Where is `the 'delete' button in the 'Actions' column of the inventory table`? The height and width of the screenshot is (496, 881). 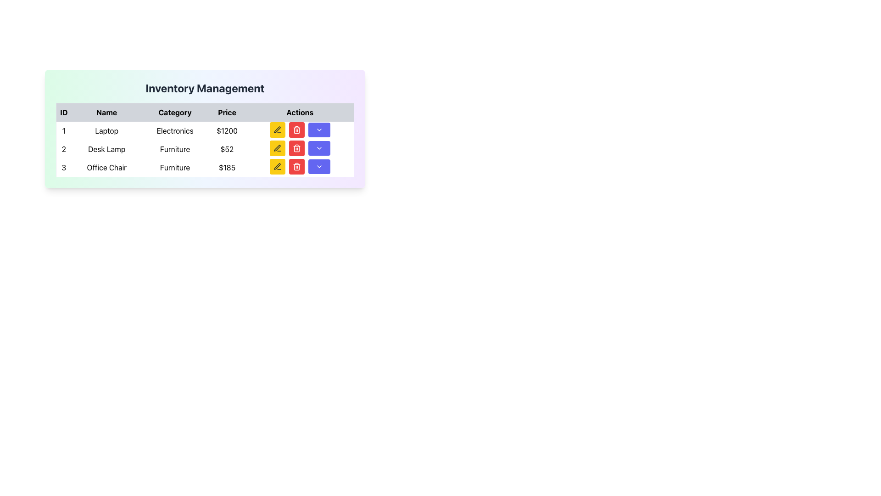 the 'delete' button in the 'Actions' column of the inventory table is located at coordinates (296, 148).